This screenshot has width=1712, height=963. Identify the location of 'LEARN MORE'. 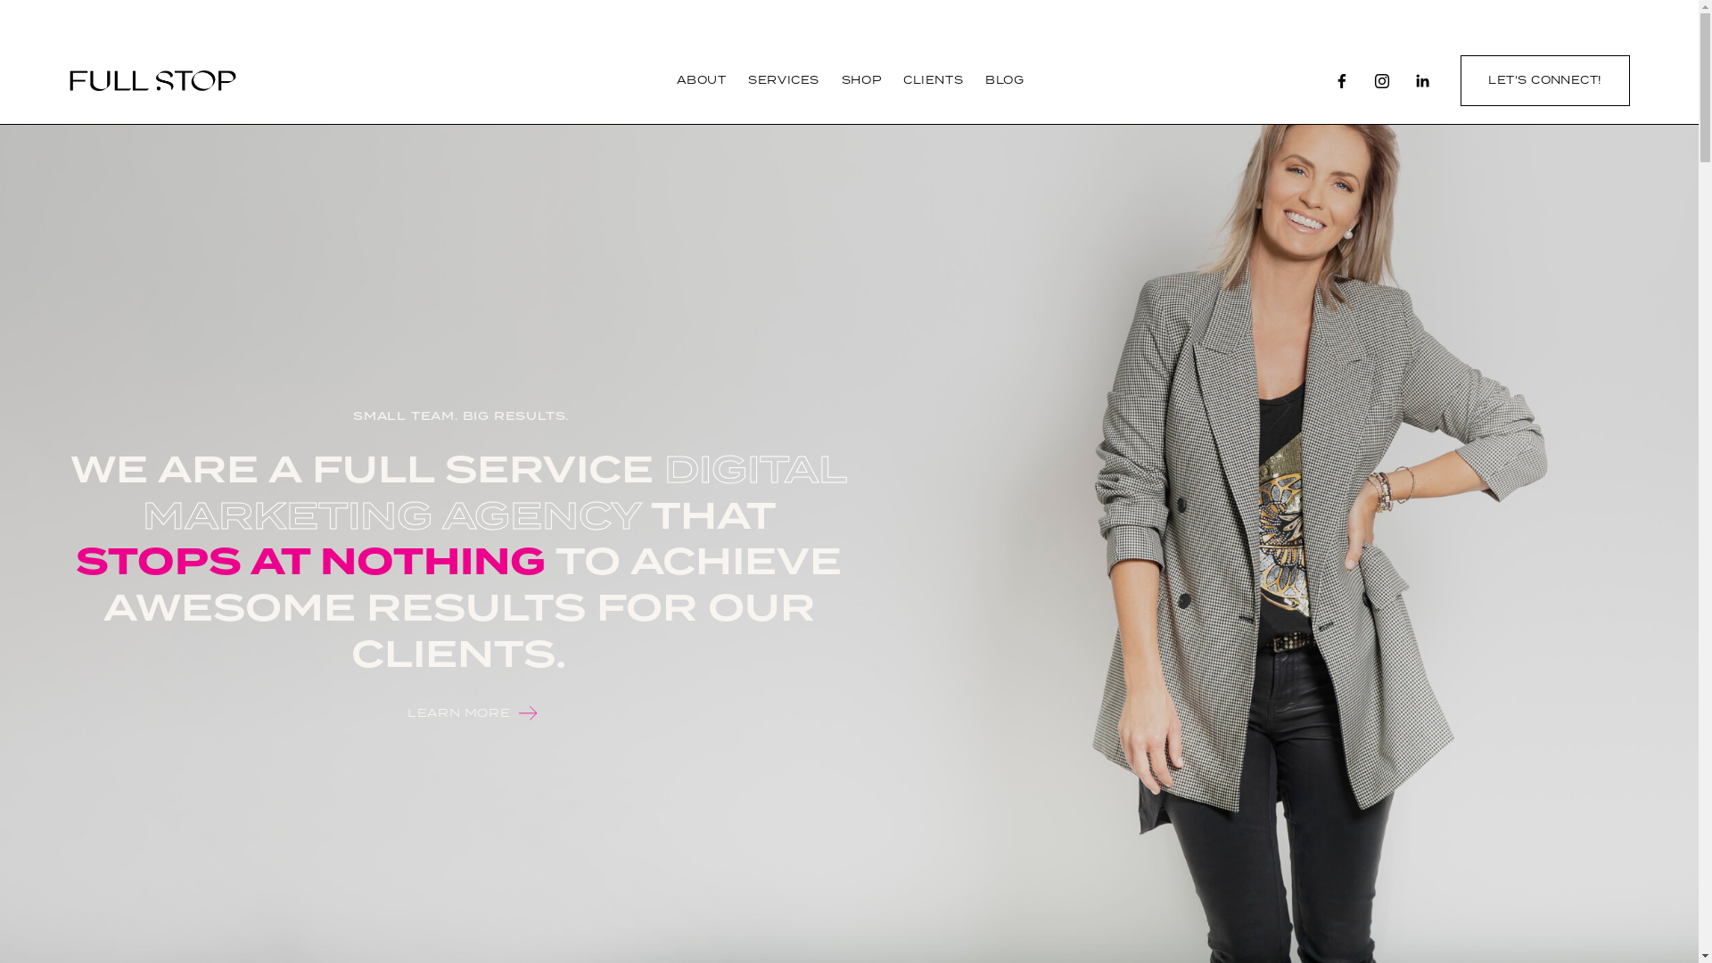
(458, 712).